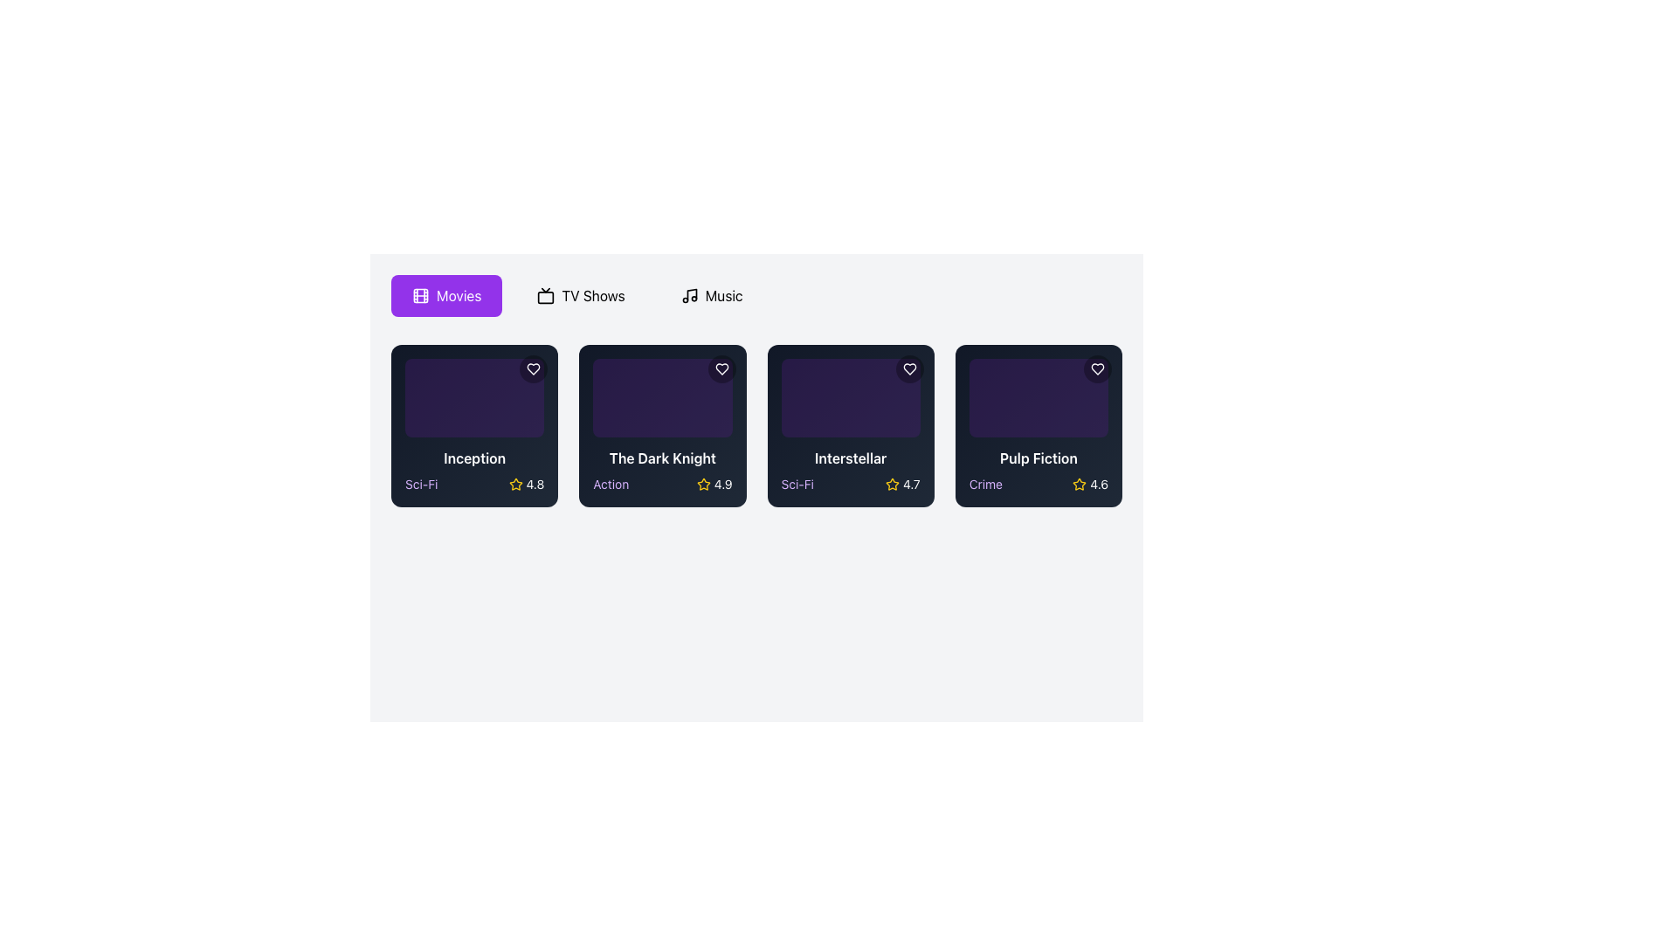  I want to click on the 'Movies' category icon located on a purple background in the upper-left section of the interface, so click(420, 295).